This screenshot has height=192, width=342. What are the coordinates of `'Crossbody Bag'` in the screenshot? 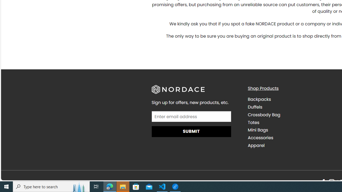 It's located at (264, 114).